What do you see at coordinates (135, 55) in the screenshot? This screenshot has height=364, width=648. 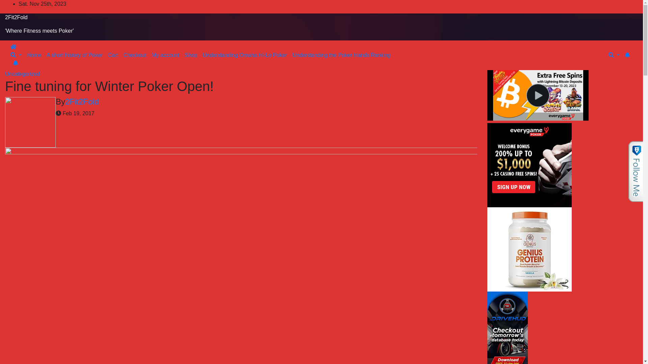 I see `'Checkout'` at bounding box center [135, 55].